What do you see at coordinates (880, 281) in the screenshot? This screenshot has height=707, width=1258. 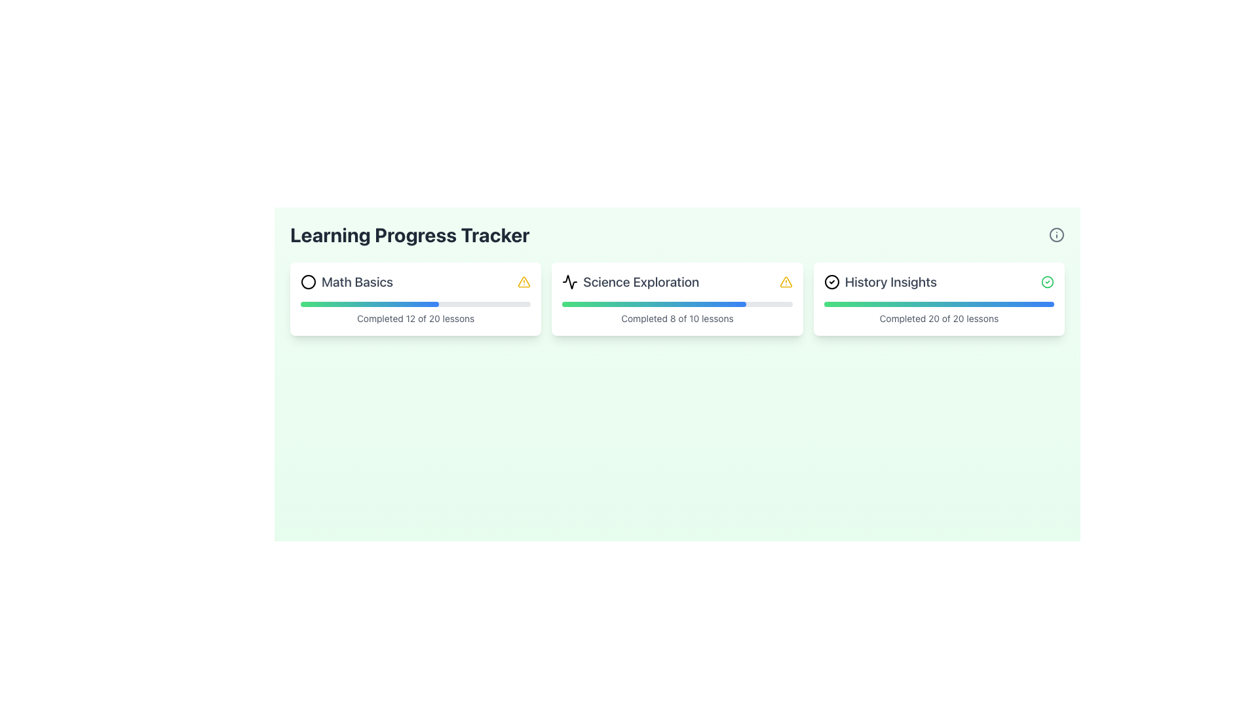 I see `the 'History Insights' text with an icon that includes a circular outline and a checkmark` at bounding box center [880, 281].